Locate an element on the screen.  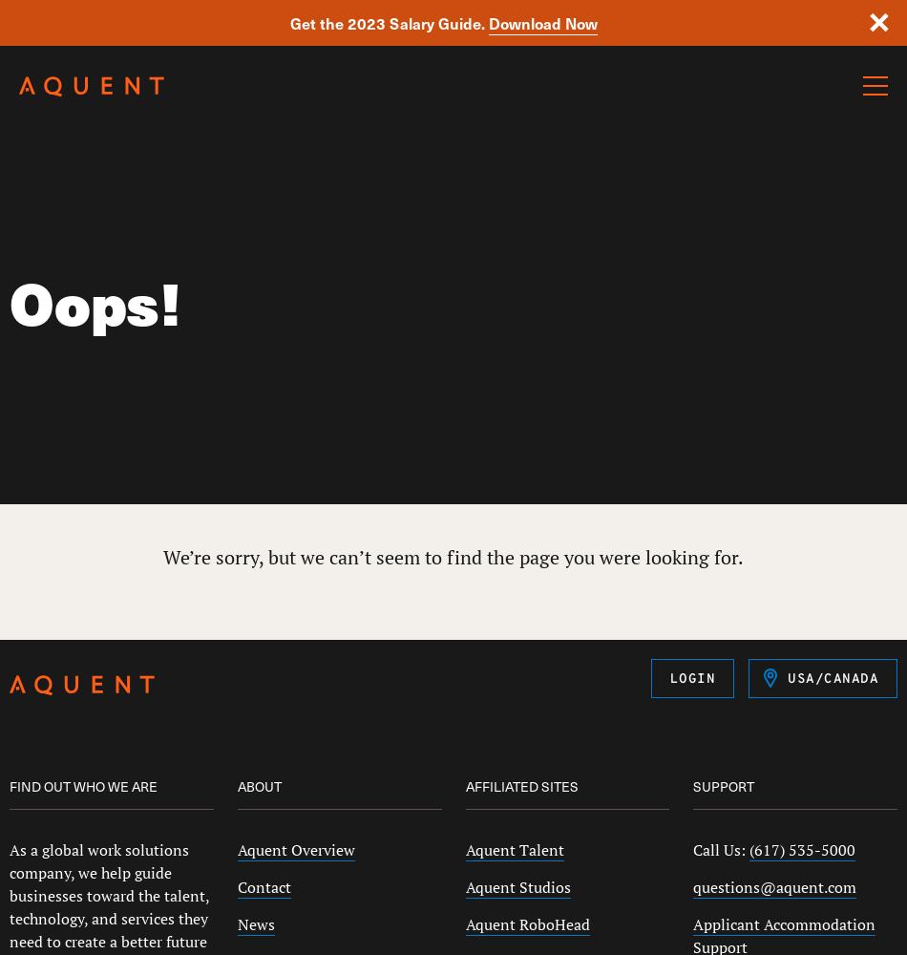
'Aquent Studios' is located at coordinates (464, 887).